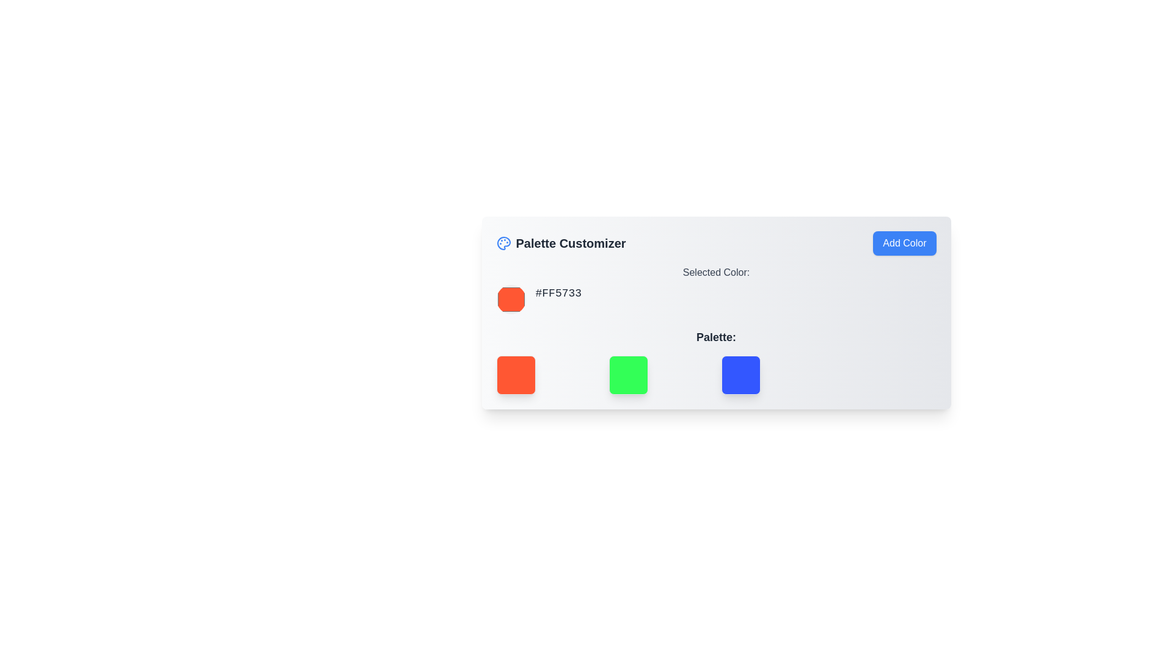  What do you see at coordinates (628, 374) in the screenshot?
I see `the middle color block in the color palette customization tool for reference; it is located between an orange block on the left and a blue block on the right` at bounding box center [628, 374].